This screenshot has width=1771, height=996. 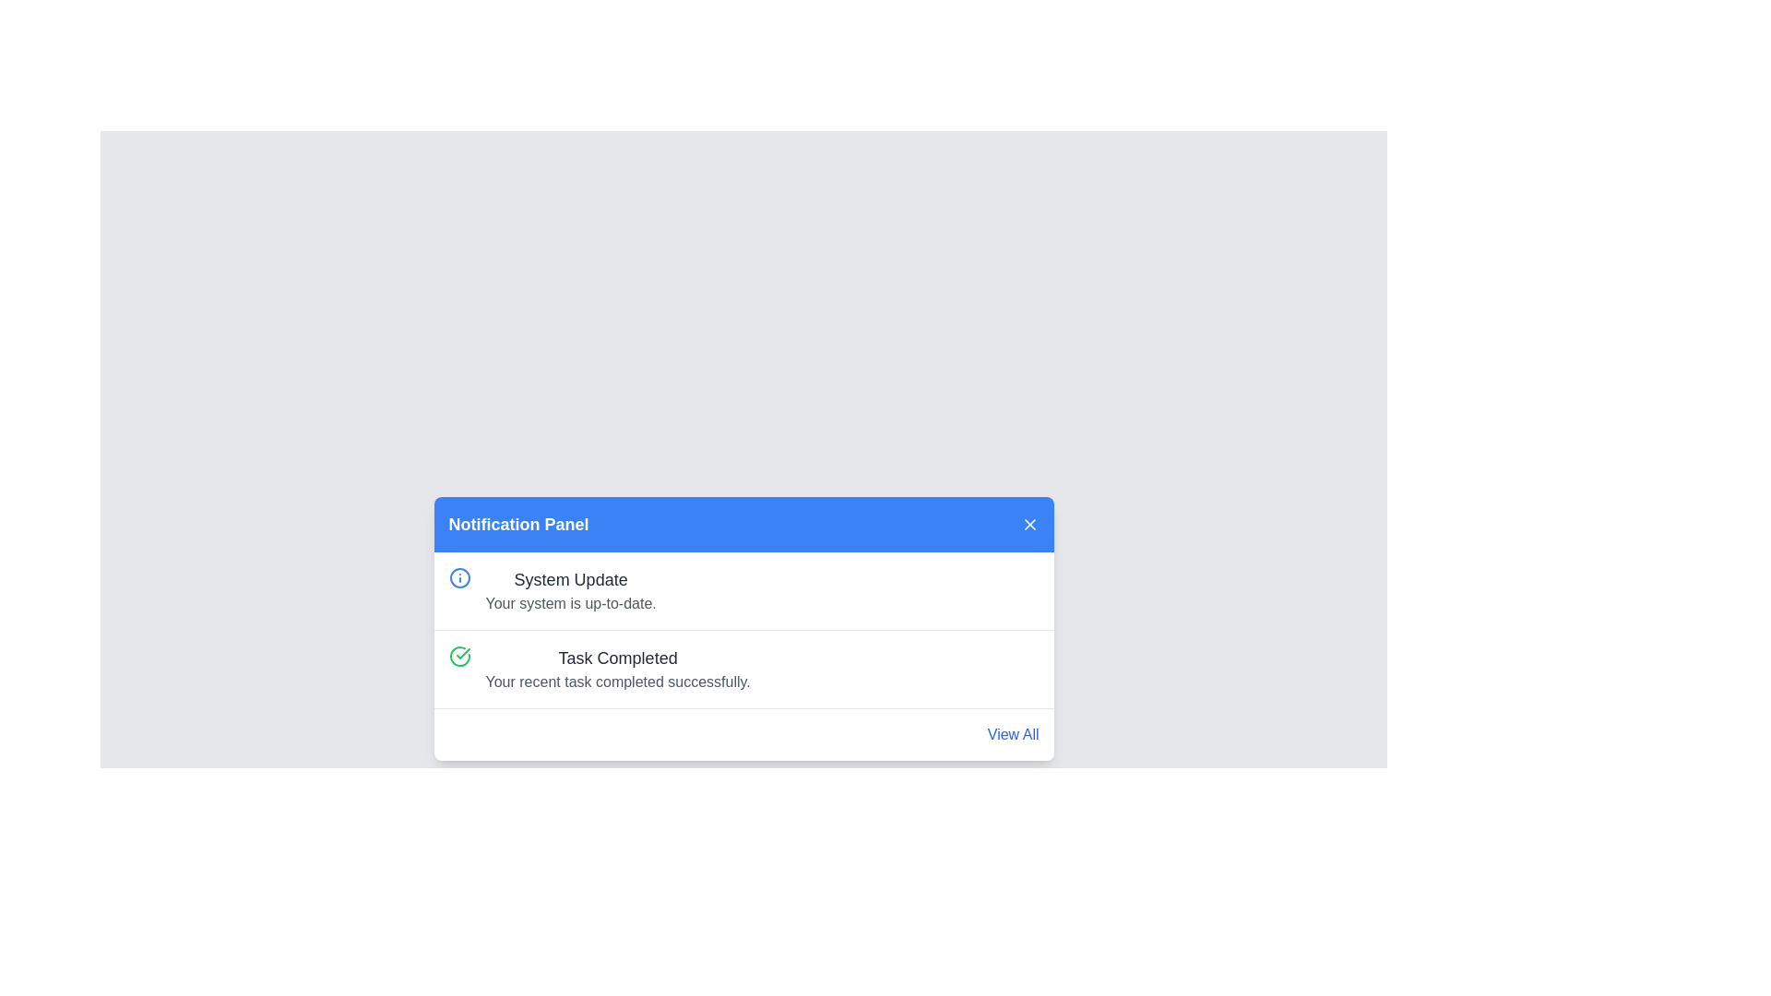 I want to click on notification text of the second notification item in the notification panel, which states 'Your recent task completed successfully.', so click(x=743, y=669).